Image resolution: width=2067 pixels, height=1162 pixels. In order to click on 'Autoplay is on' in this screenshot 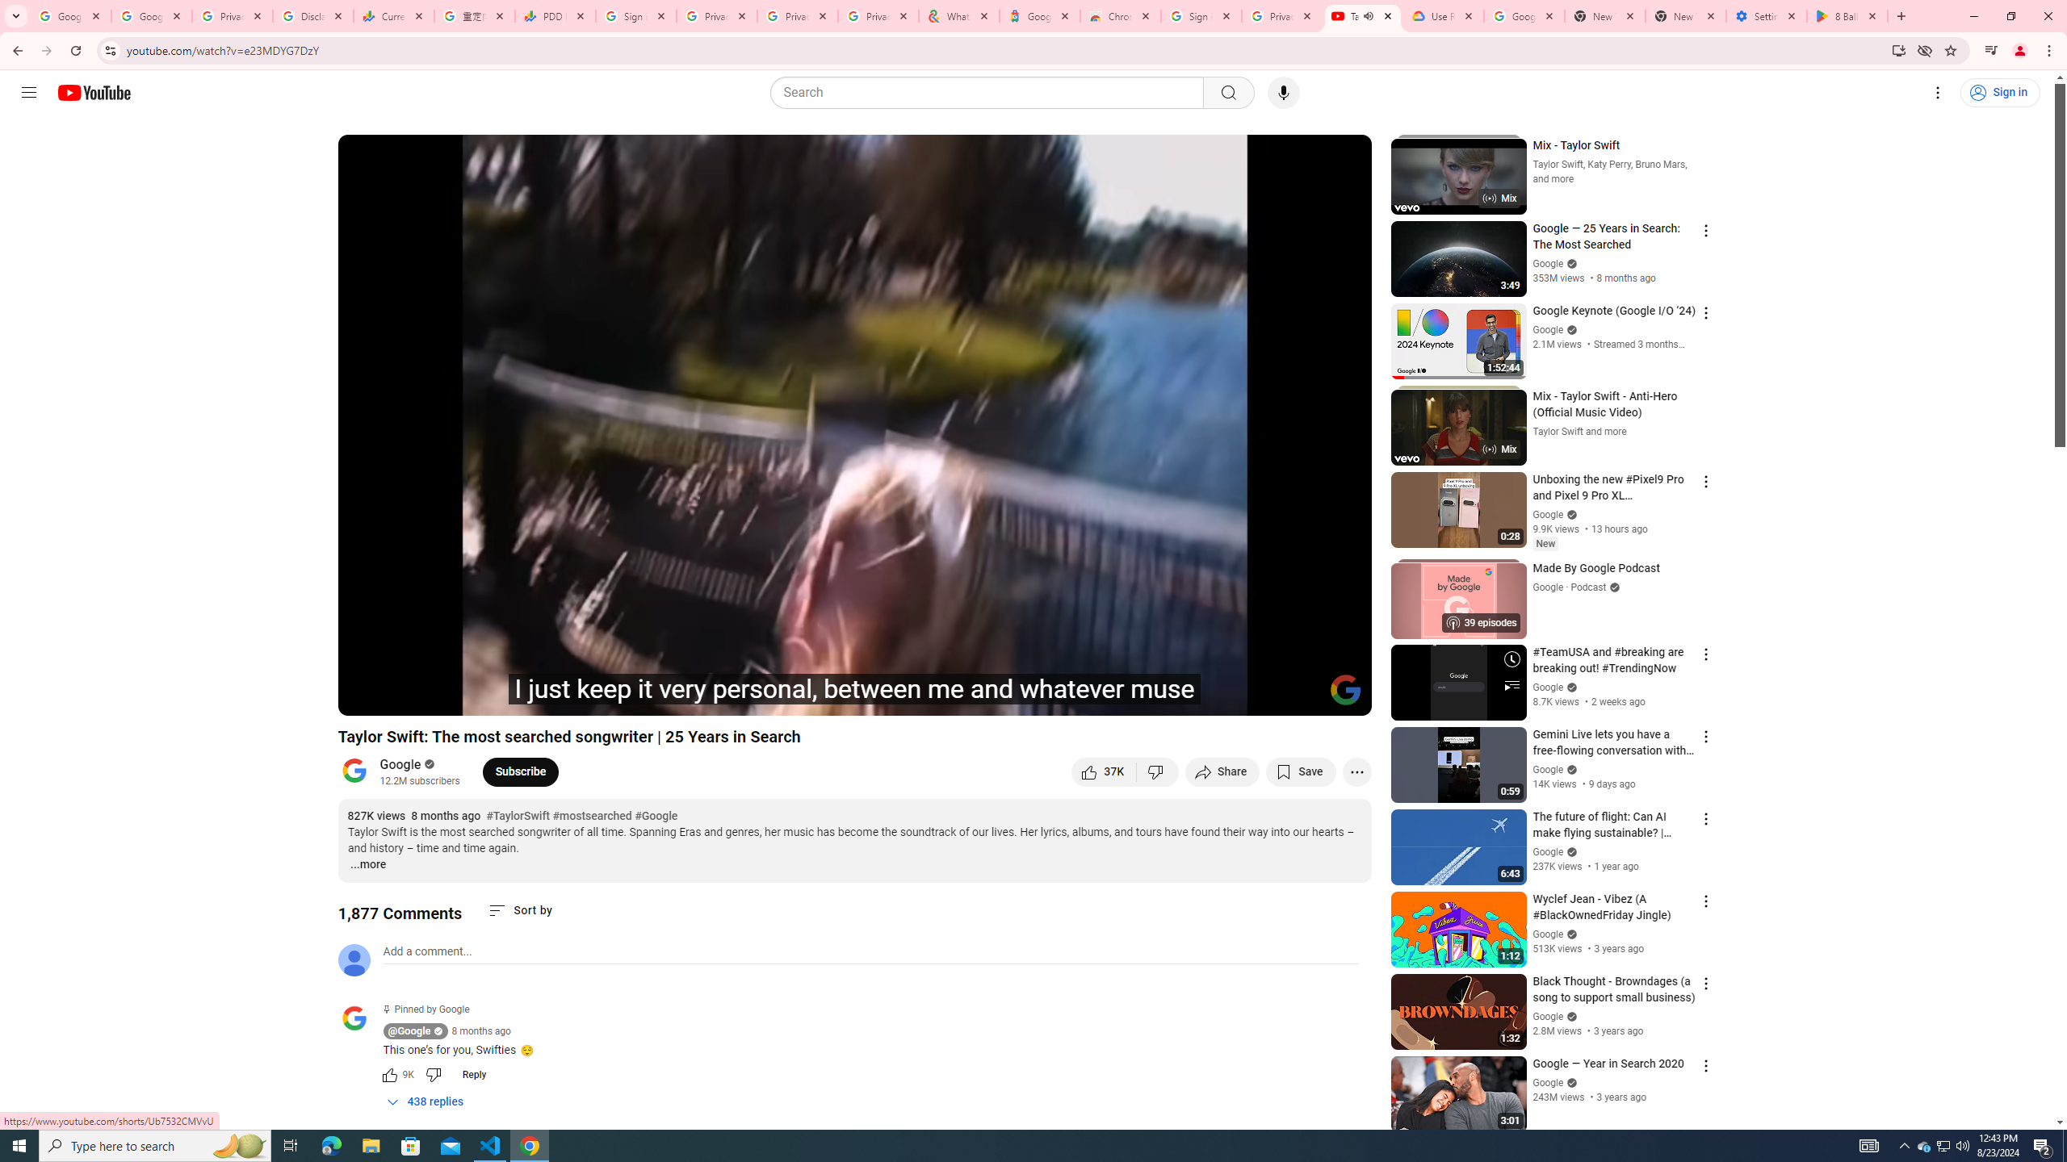, I will do `click(1148, 696)`.